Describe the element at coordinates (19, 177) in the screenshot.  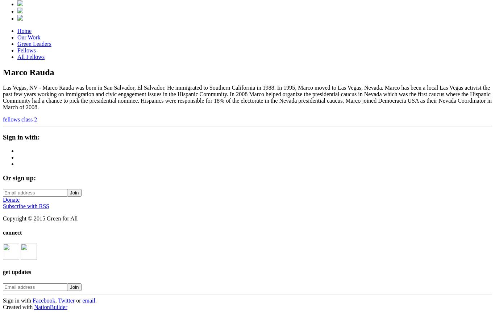
I see `'Or sign up:'` at that location.